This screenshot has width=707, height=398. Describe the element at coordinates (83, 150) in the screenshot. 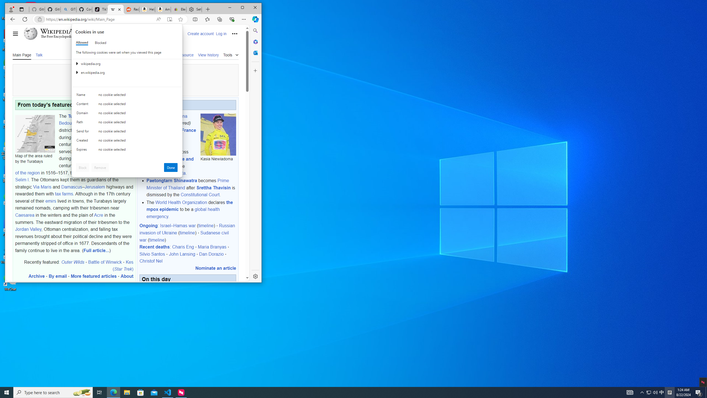

I see `'Expires'` at that location.